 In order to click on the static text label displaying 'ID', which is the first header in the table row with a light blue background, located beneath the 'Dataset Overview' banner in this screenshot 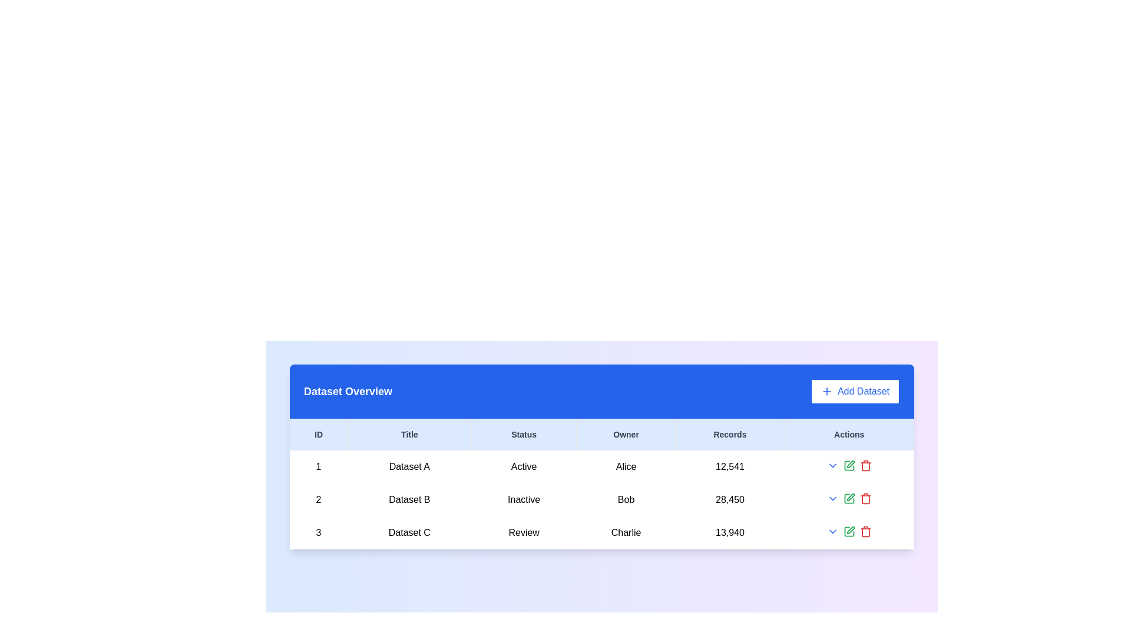, I will do `click(319, 434)`.